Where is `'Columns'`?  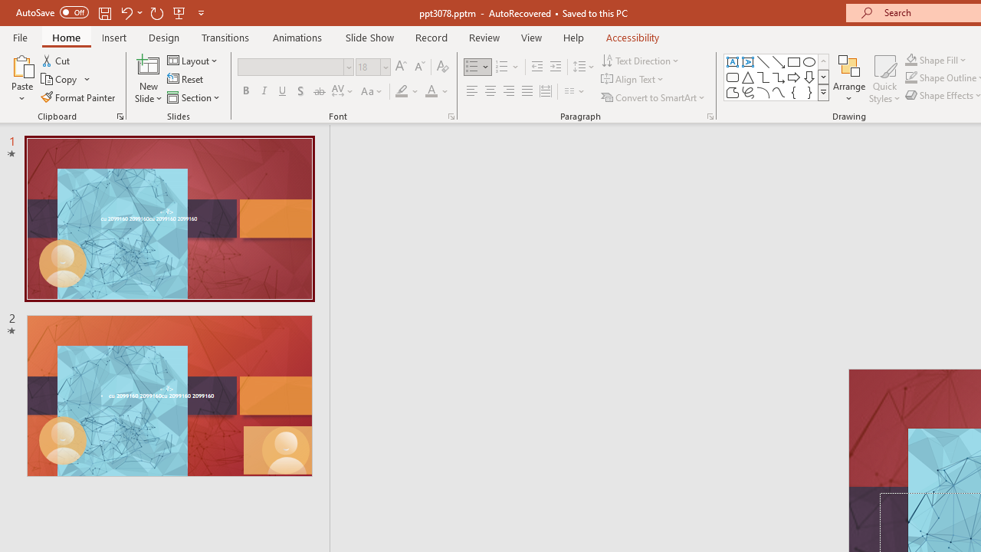
'Columns' is located at coordinates (574, 91).